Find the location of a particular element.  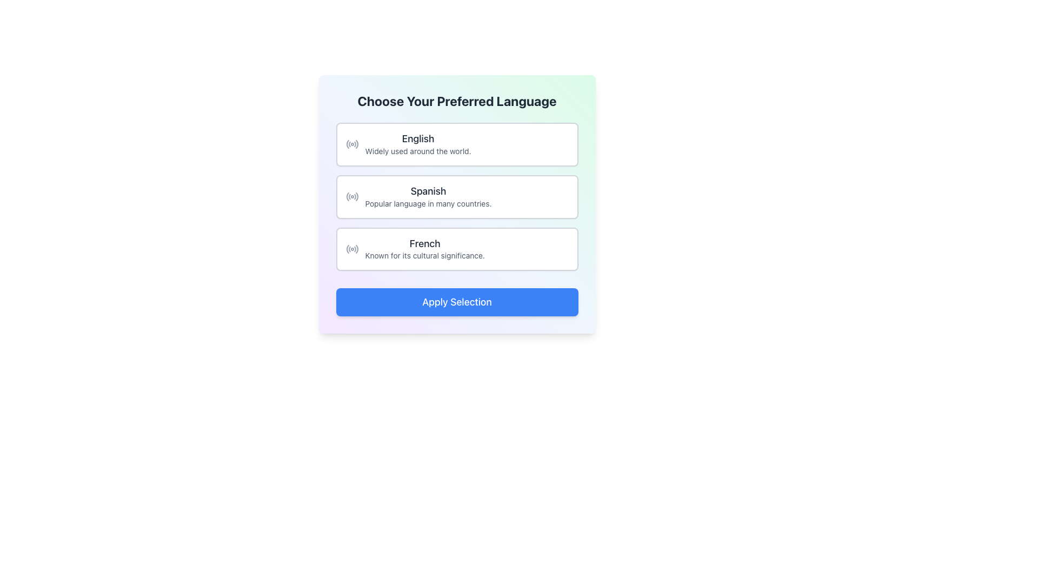

the third interactive card in the vertically stacked list is located at coordinates (457, 249).